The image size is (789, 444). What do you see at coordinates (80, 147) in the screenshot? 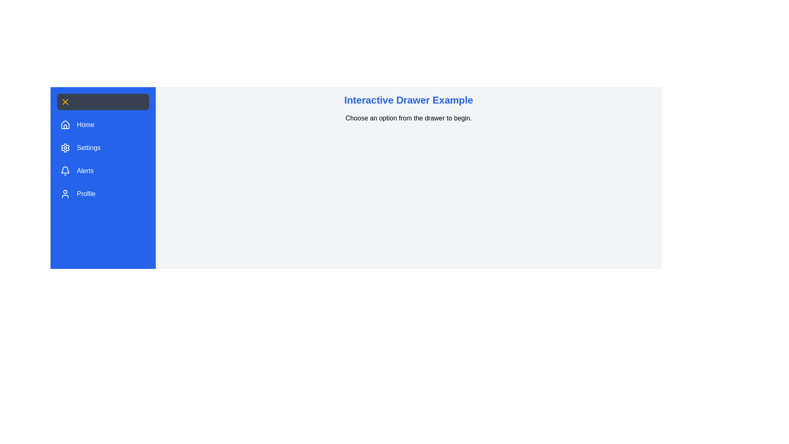
I see `the 'Settings' button in the drawer` at bounding box center [80, 147].